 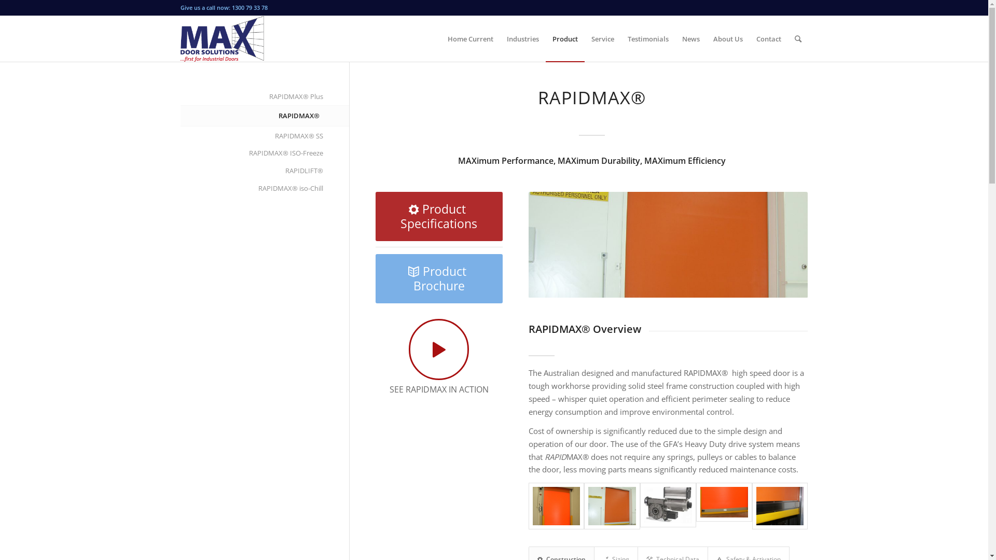 I want to click on 'Home Current', so click(x=470, y=38).